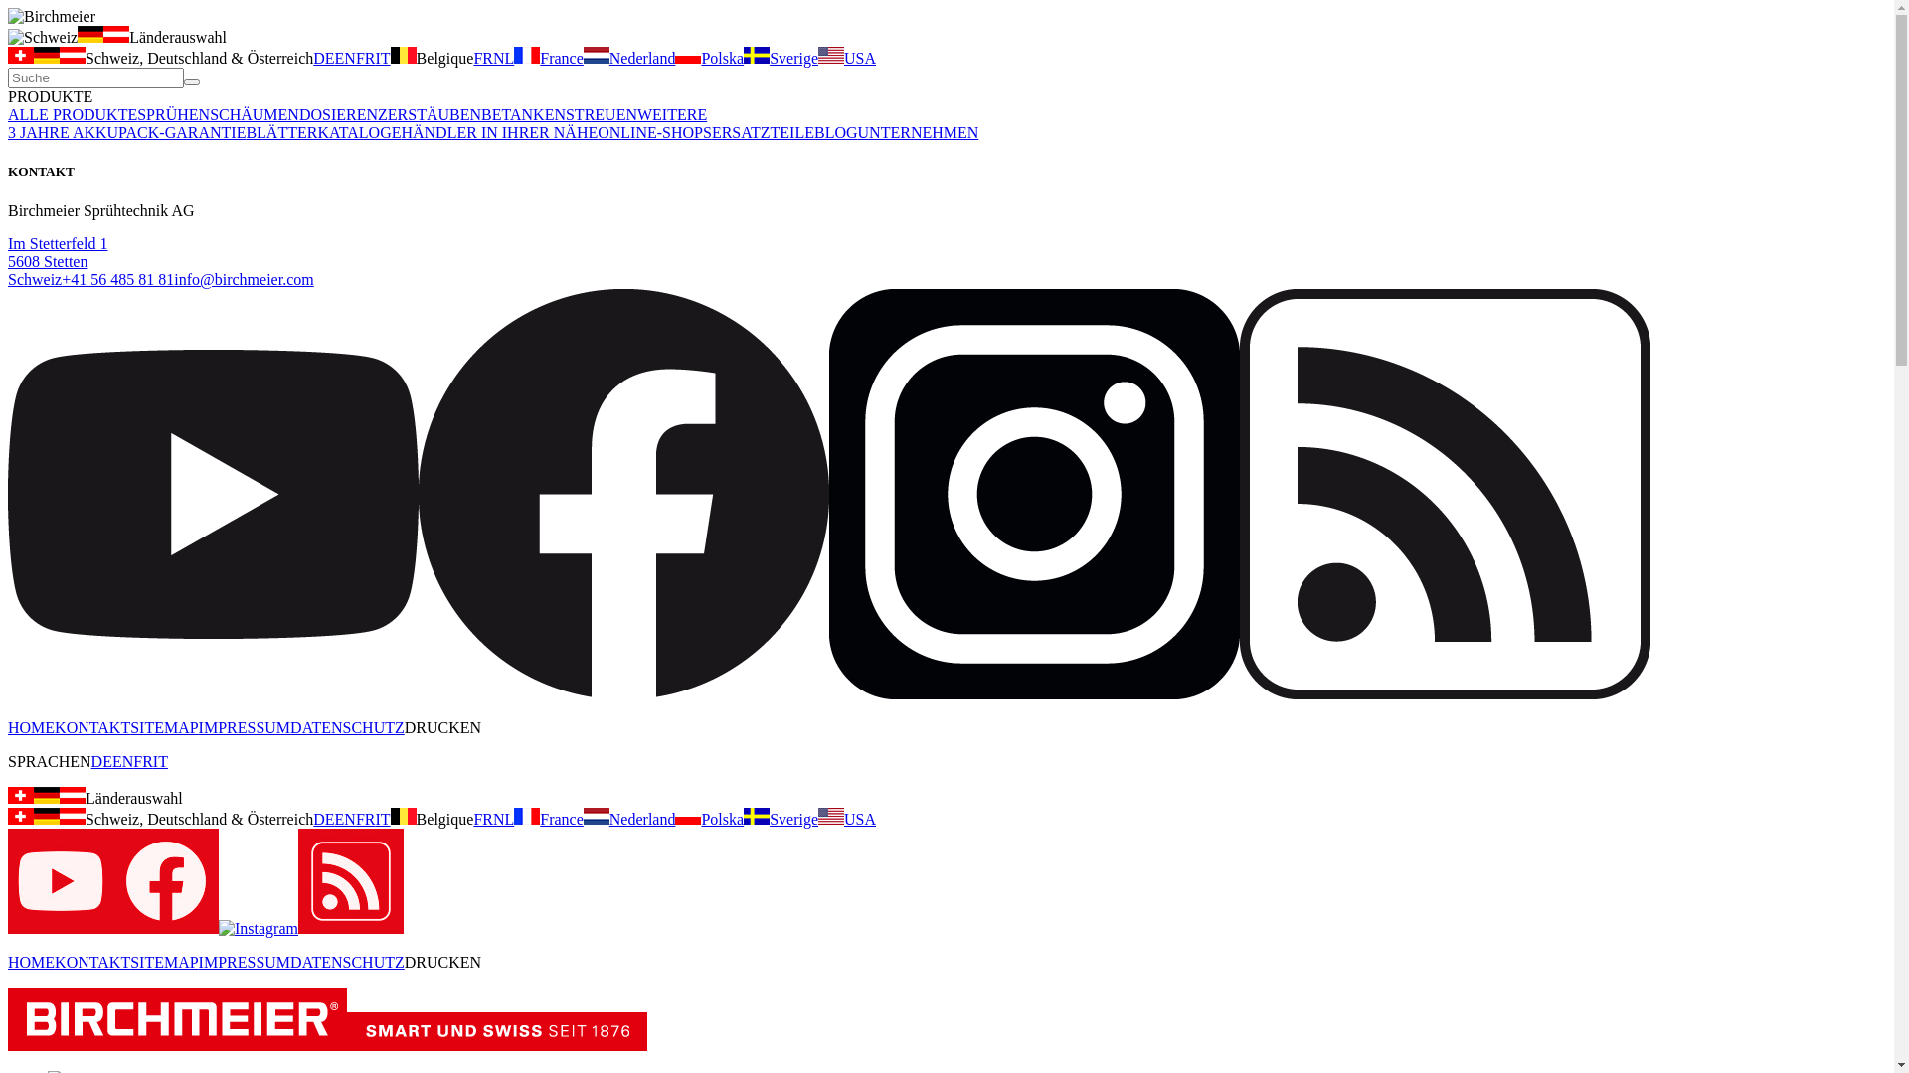 This screenshot has width=1909, height=1073. I want to click on 'BLOG', so click(835, 132).